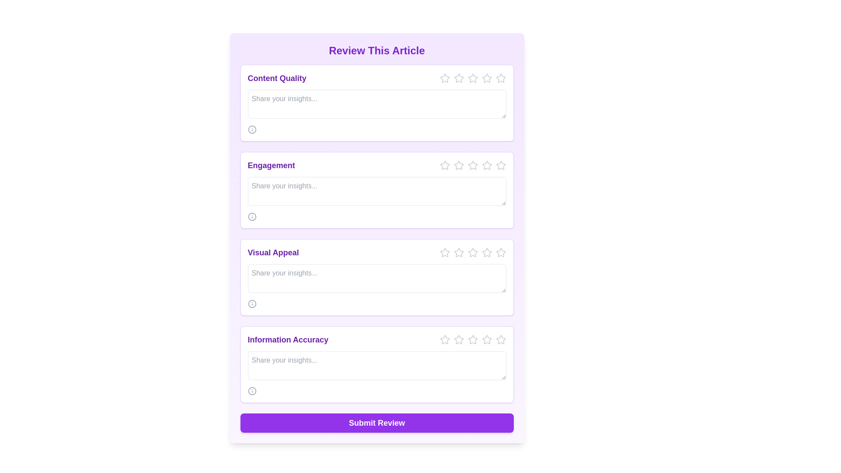 Image resolution: width=841 pixels, height=473 pixels. What do you see at coordinates (251, 304) in the screenshot?
I see `the innermost circle of the SVG graphical element representing an informational icon located in the 'Visual Appeal' section, below the user feedback text input box` at bounding box center [251, 304].